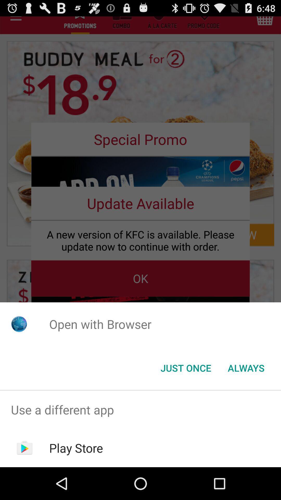 The image size is (281, 500). What do you see at coordinates (186, 367) in the screenshot?
I see `the item next to the always icon` at bounding box center [186, 367].